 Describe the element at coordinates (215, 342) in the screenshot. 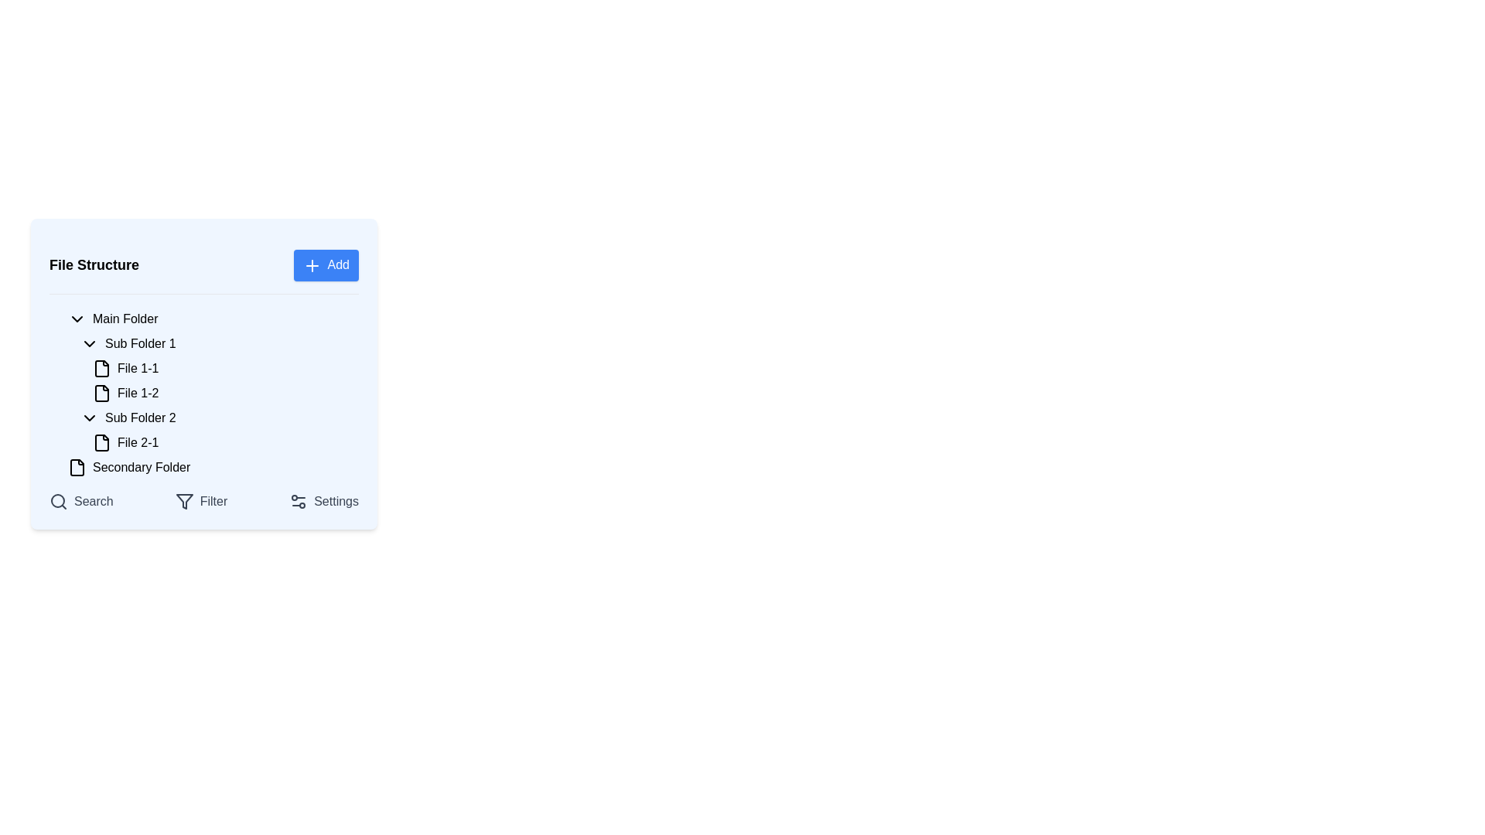

I see `the collapsible folder entry located under the 'Main Folder'` at that location.